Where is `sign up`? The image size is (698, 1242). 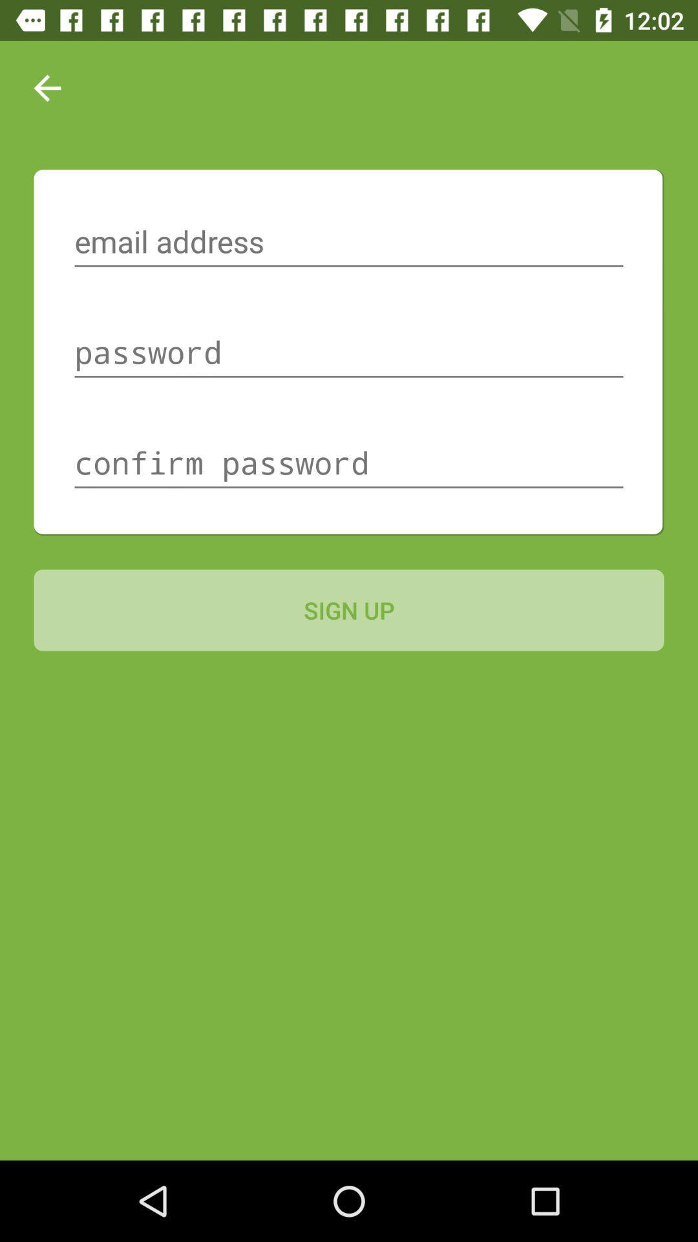 sign up is located at coordinates (349, 609).